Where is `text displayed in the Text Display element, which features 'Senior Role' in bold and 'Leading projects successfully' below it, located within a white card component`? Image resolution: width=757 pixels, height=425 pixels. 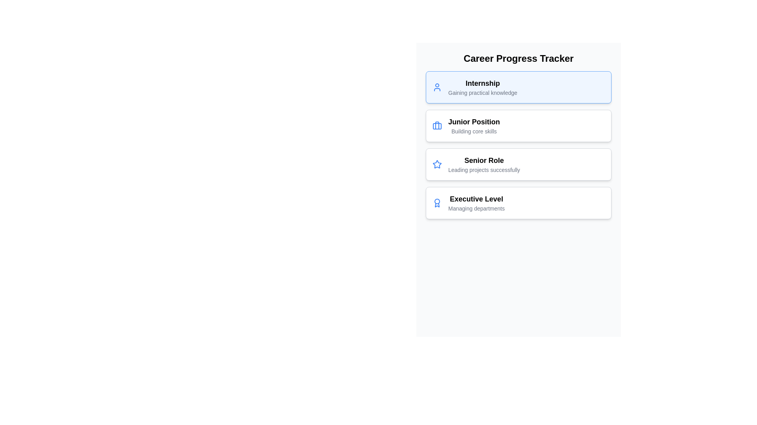
text displayed in the Text Display element, which features 'Senior Role' in bold and 'Leading projects successfully' below it, located within a white card component is located at coordinates (484, 164).